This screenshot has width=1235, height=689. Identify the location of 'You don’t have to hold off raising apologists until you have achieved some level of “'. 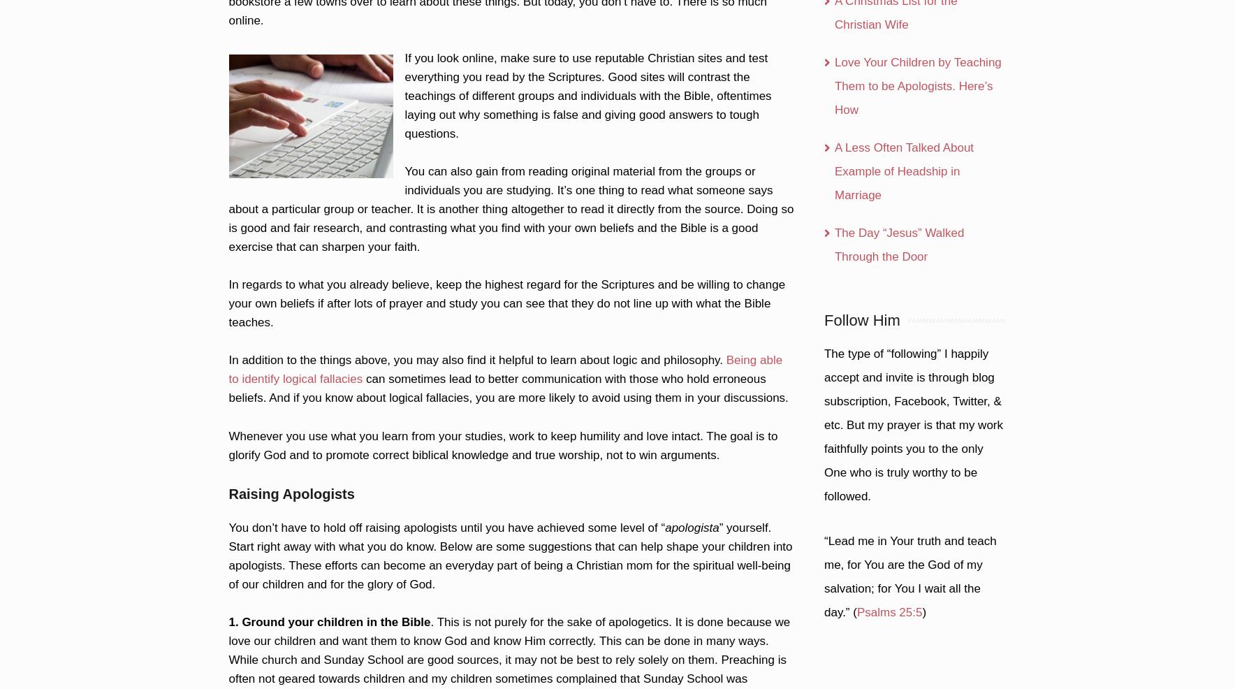
(446, 527).